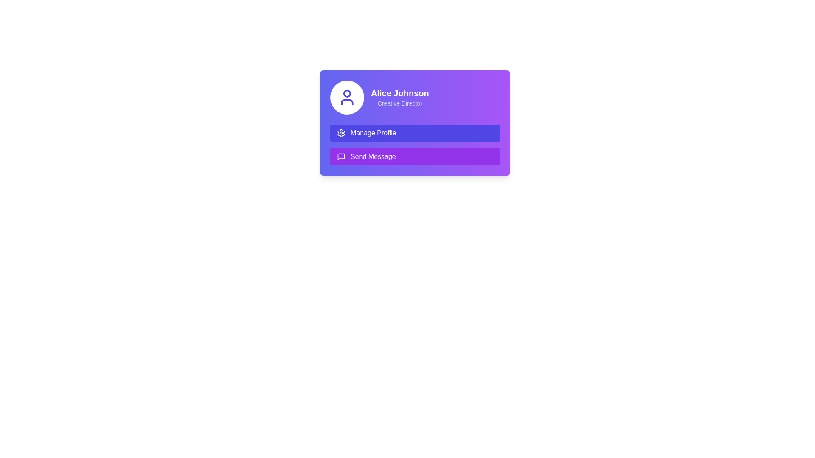  Describe the element at coordinates (341, 157) in the screenshot. I see `the purple speech bubble icon located within the 'Send Message' button, which is below the 'Manage Profile' button` at that location.